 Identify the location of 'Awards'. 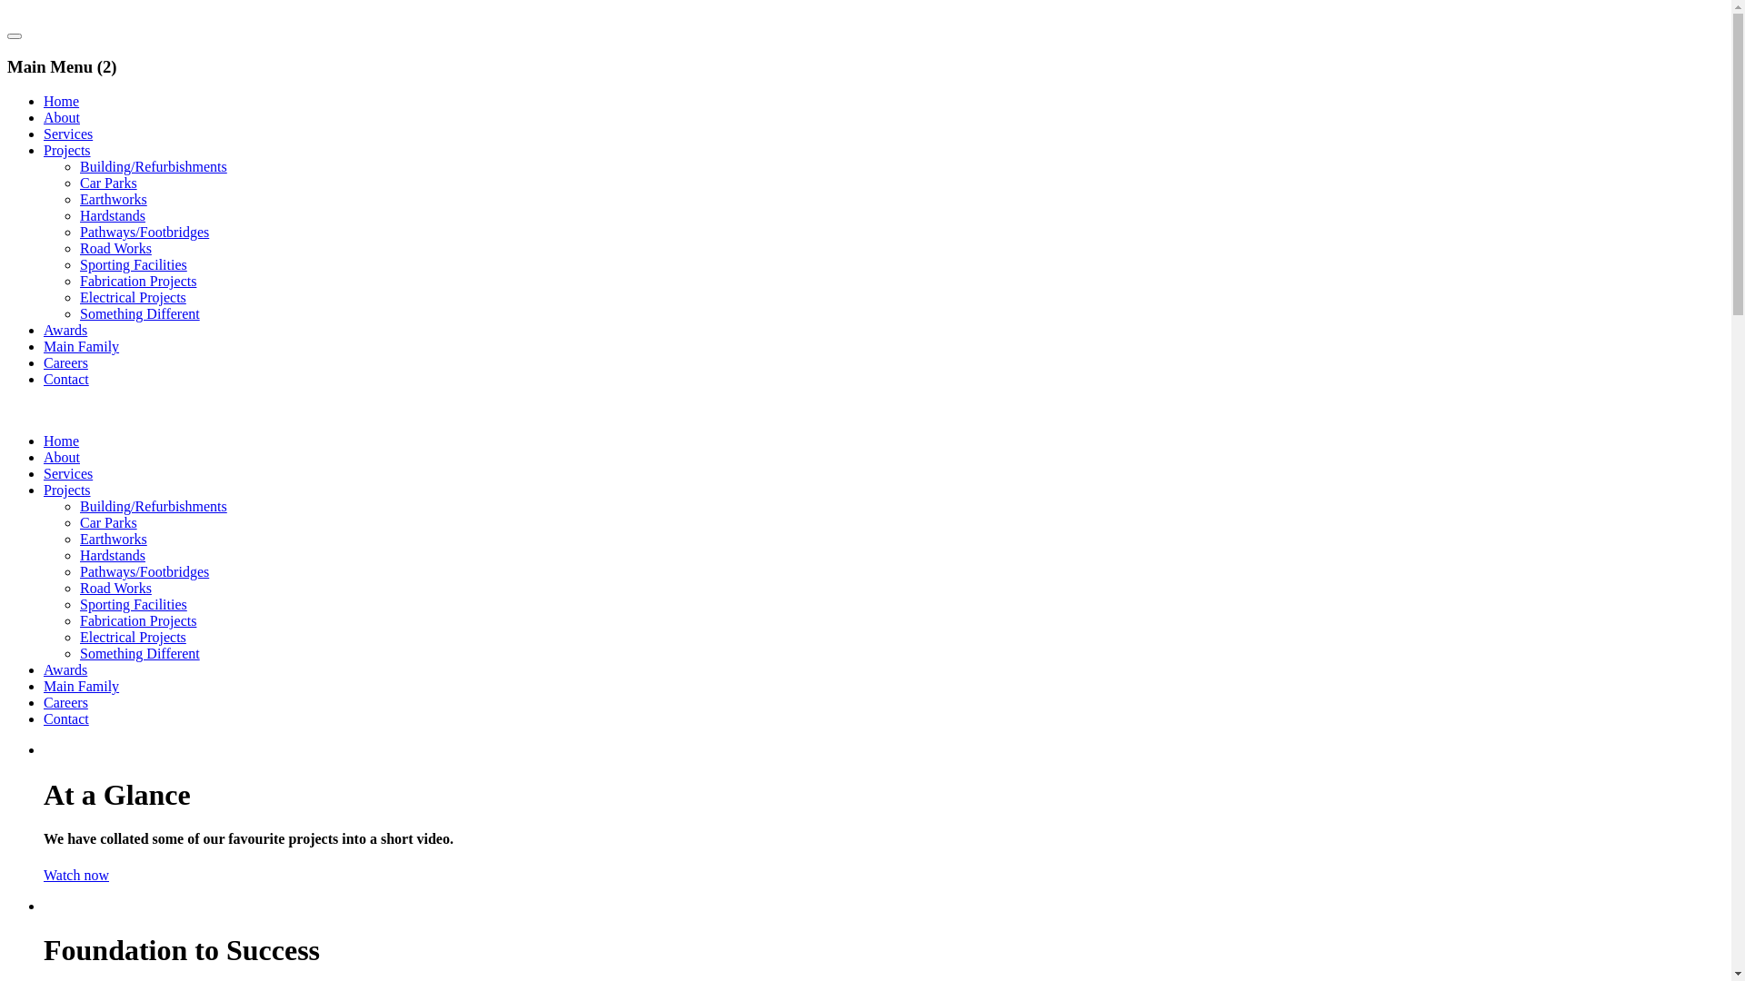
(65, 330).